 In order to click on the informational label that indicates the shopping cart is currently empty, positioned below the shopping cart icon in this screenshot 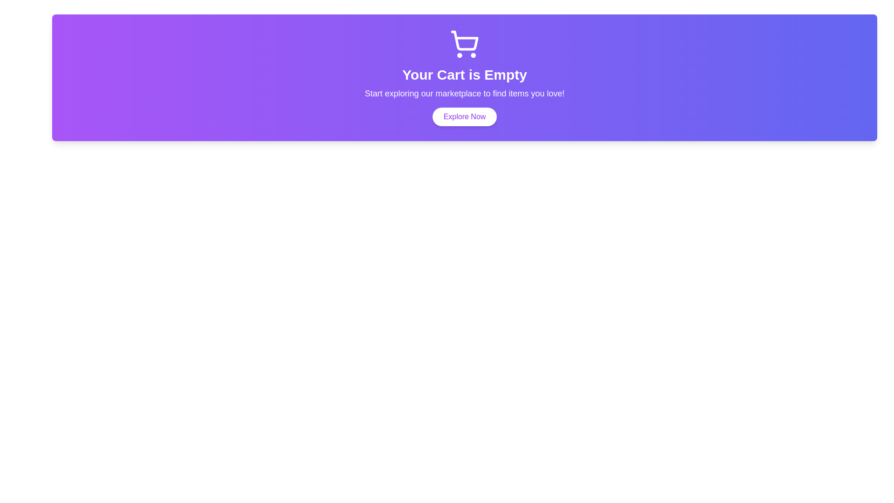, I will do `click(465, 75)`.